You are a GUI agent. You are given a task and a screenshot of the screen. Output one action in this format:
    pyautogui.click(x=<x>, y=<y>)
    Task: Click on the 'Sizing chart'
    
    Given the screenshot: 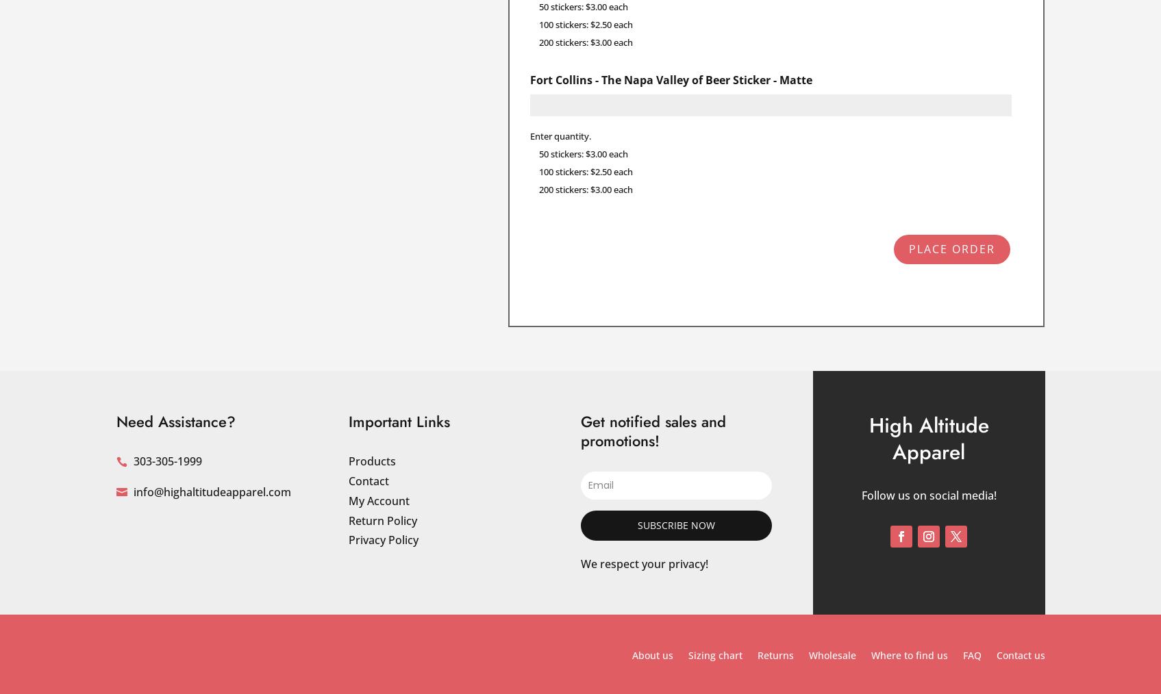 What is the action you would take?
    pyautogui.click(x=714, y=655)
    